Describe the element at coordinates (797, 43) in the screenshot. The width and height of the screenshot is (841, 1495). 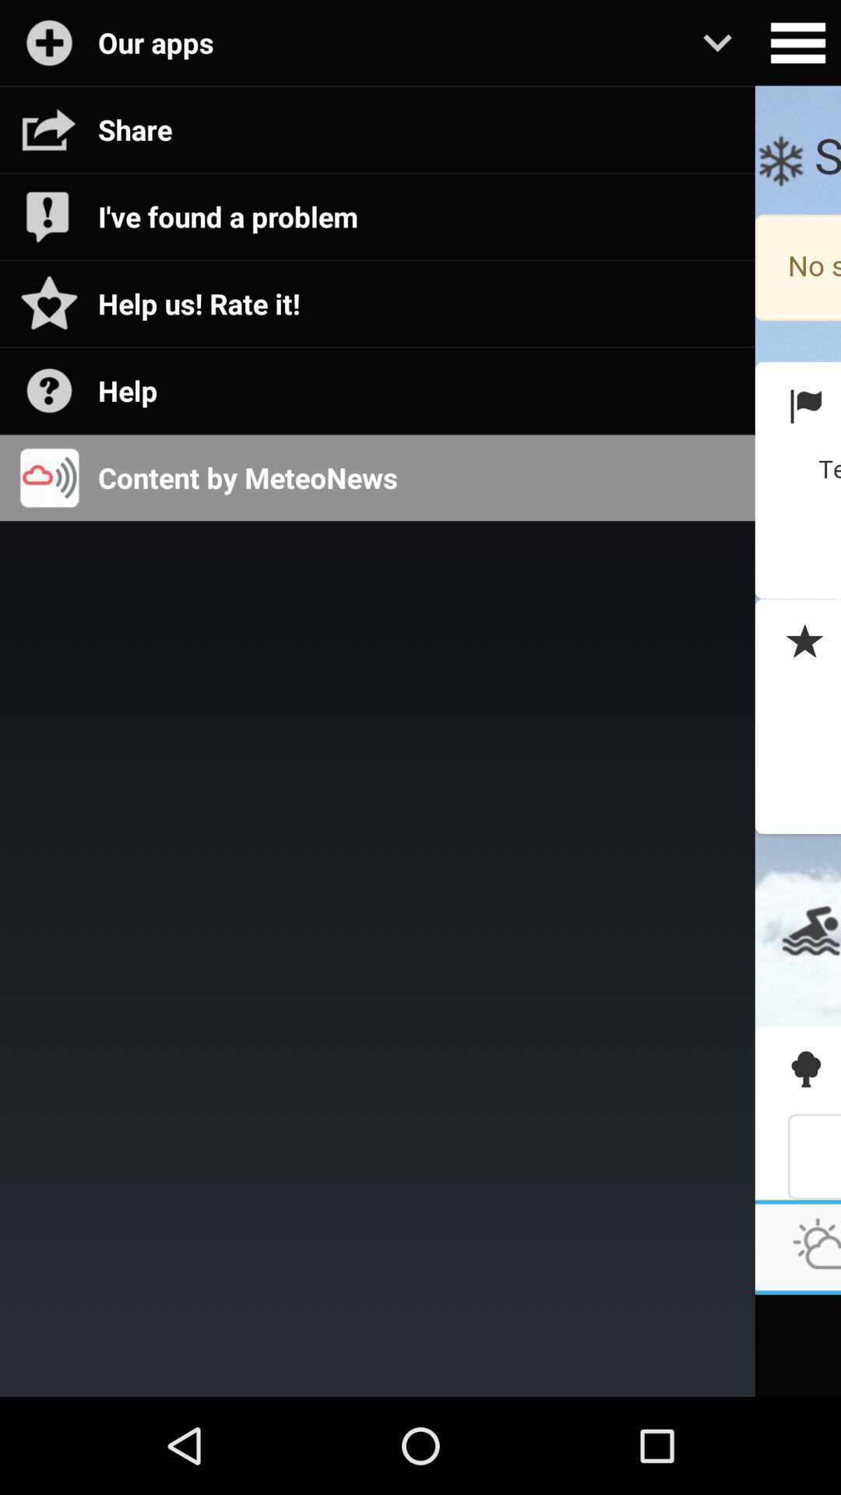
I see `menu` at that location.